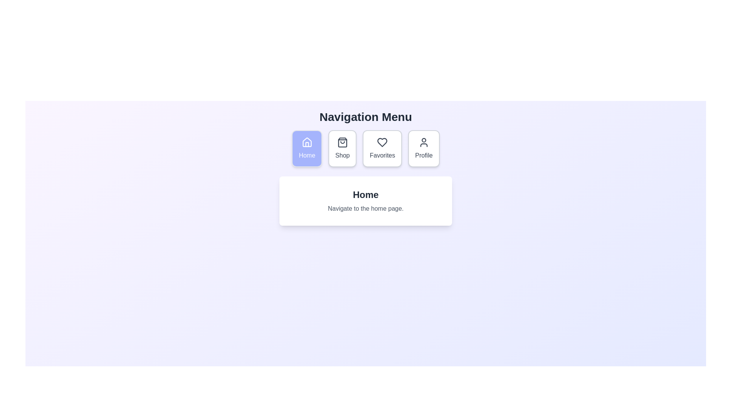 The height and width of the screenshot is (416, 740). Describe the element at coordinates (423, 156) in the screenshot. I see `text of the 'Profile' text label located underneath the user icon graphic in the 'Profile' navigation button` at that location.